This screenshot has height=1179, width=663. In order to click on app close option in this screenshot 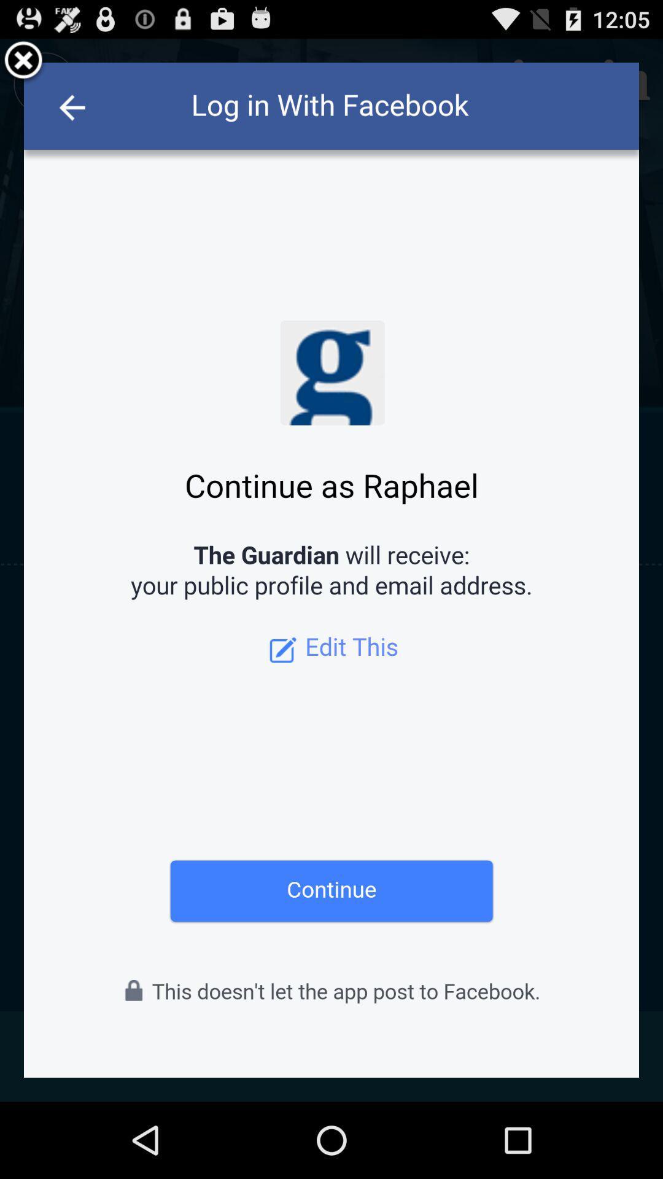, I will do `click(23, 61)`.